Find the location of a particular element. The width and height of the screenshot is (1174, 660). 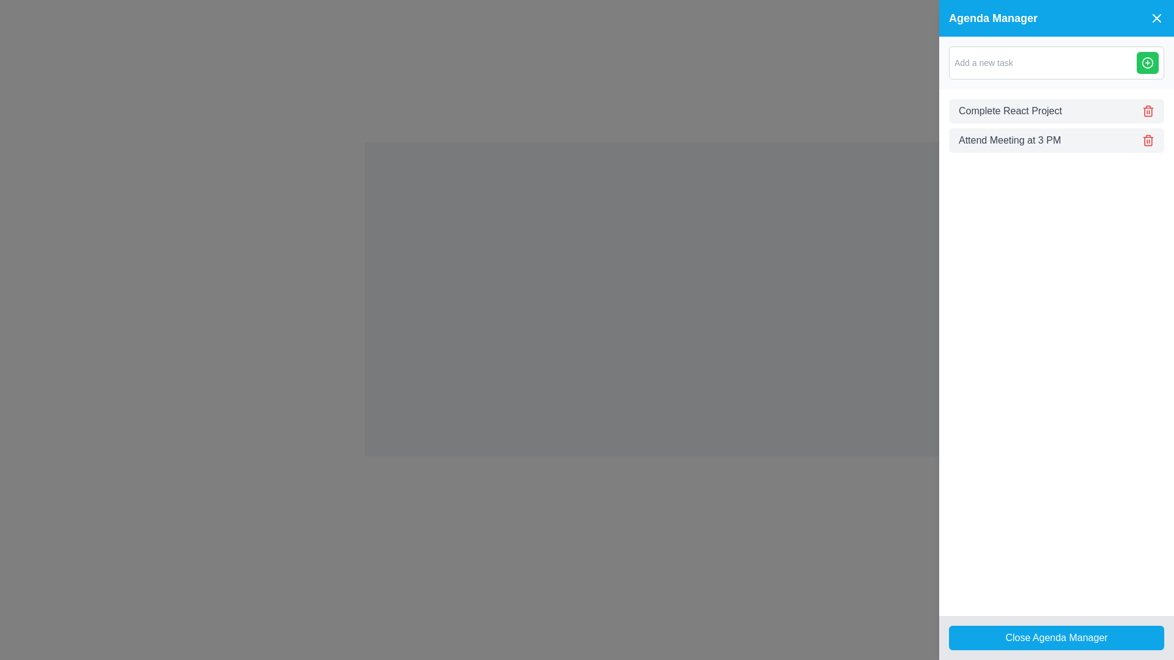

the green plus button located in the upper section of the sidebar labeled 'Agenda Manager' is located at coordinates (1056, 63).